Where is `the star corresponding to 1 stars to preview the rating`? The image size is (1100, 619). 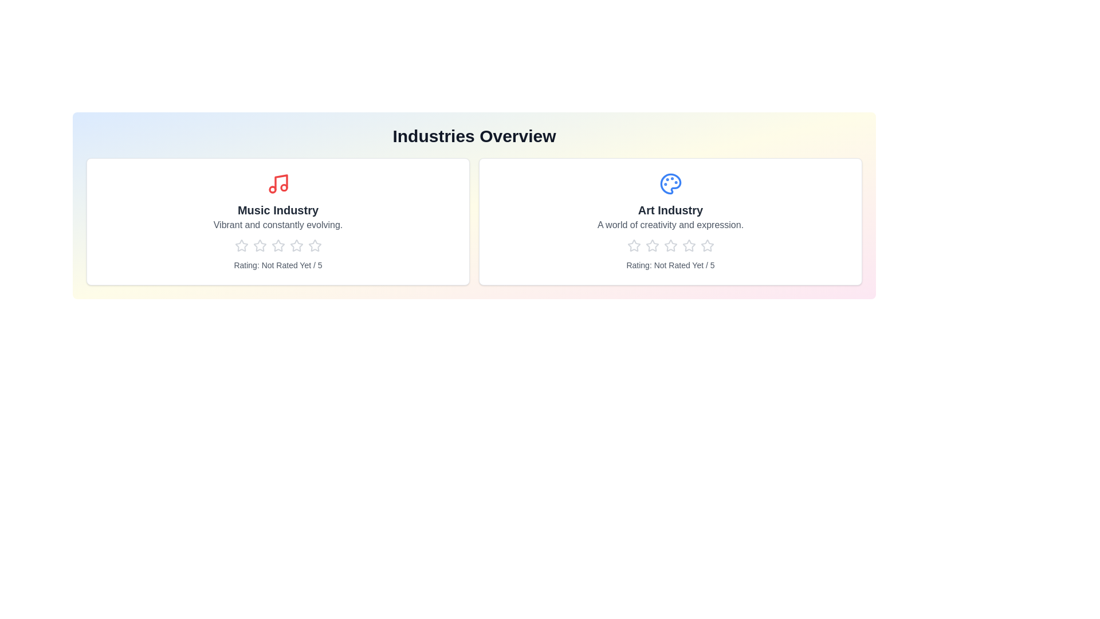
the star corresponding to 1 stars to preview the rating is located at coordinates (241, 245).